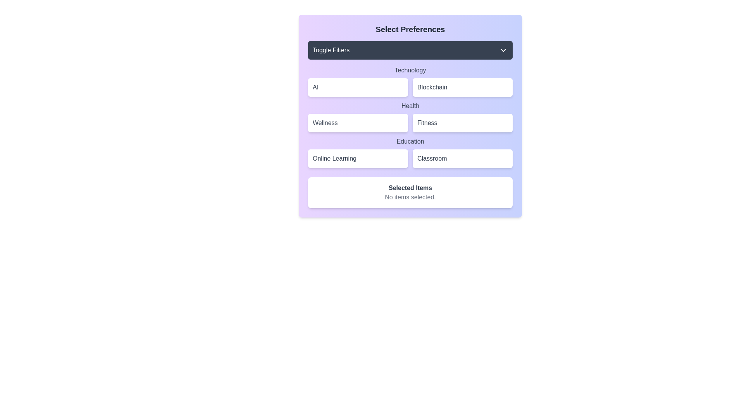  Describe the element at coordinates (410, 152) in the screenshot. I see `the selector element for subcategories under 'Education' which includes the buttons 'Online Learning' and 'Classroom'` at that location.